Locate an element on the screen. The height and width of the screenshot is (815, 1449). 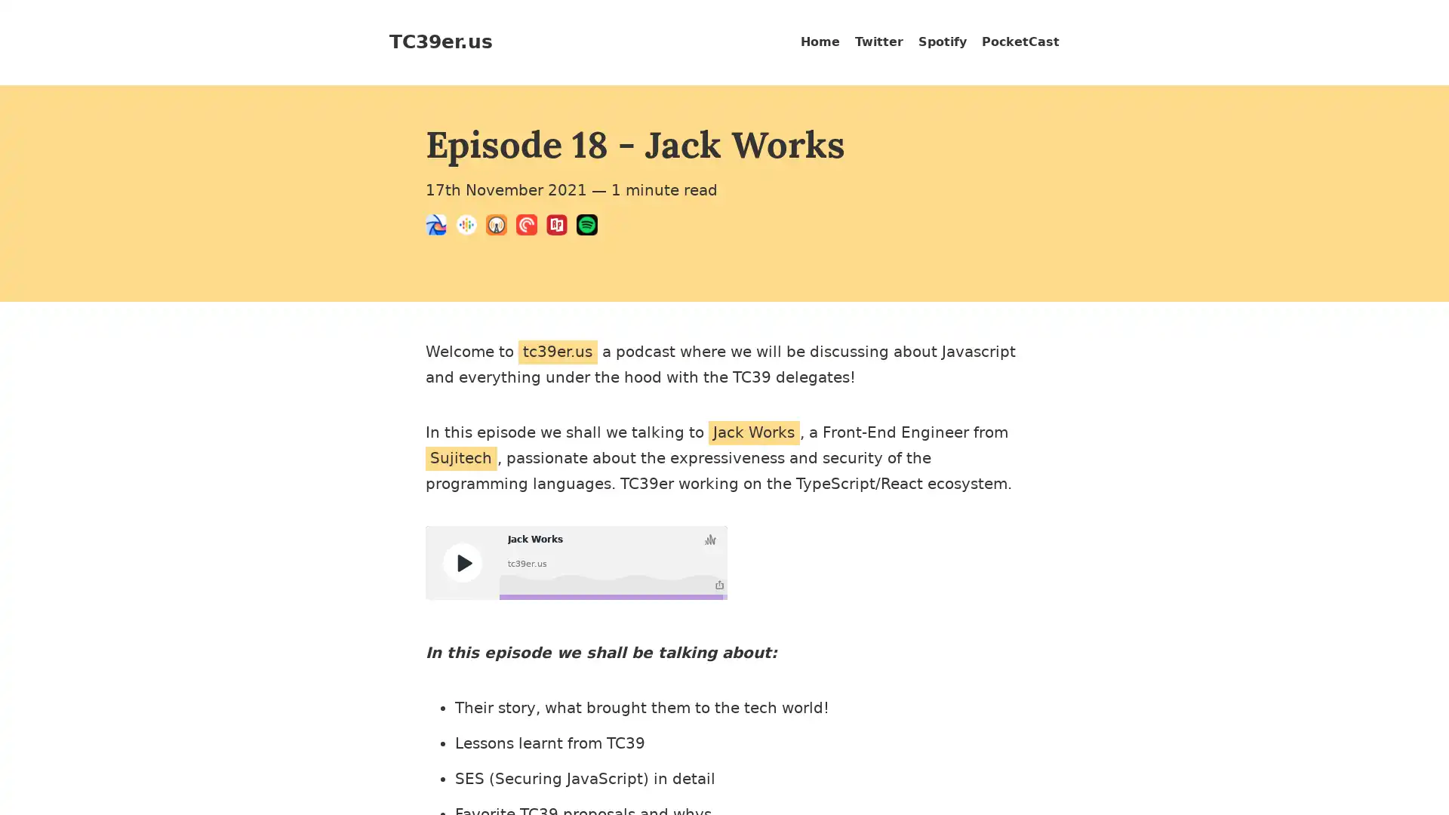
Google Podcasts Logo is located at coordinates (470, 227).